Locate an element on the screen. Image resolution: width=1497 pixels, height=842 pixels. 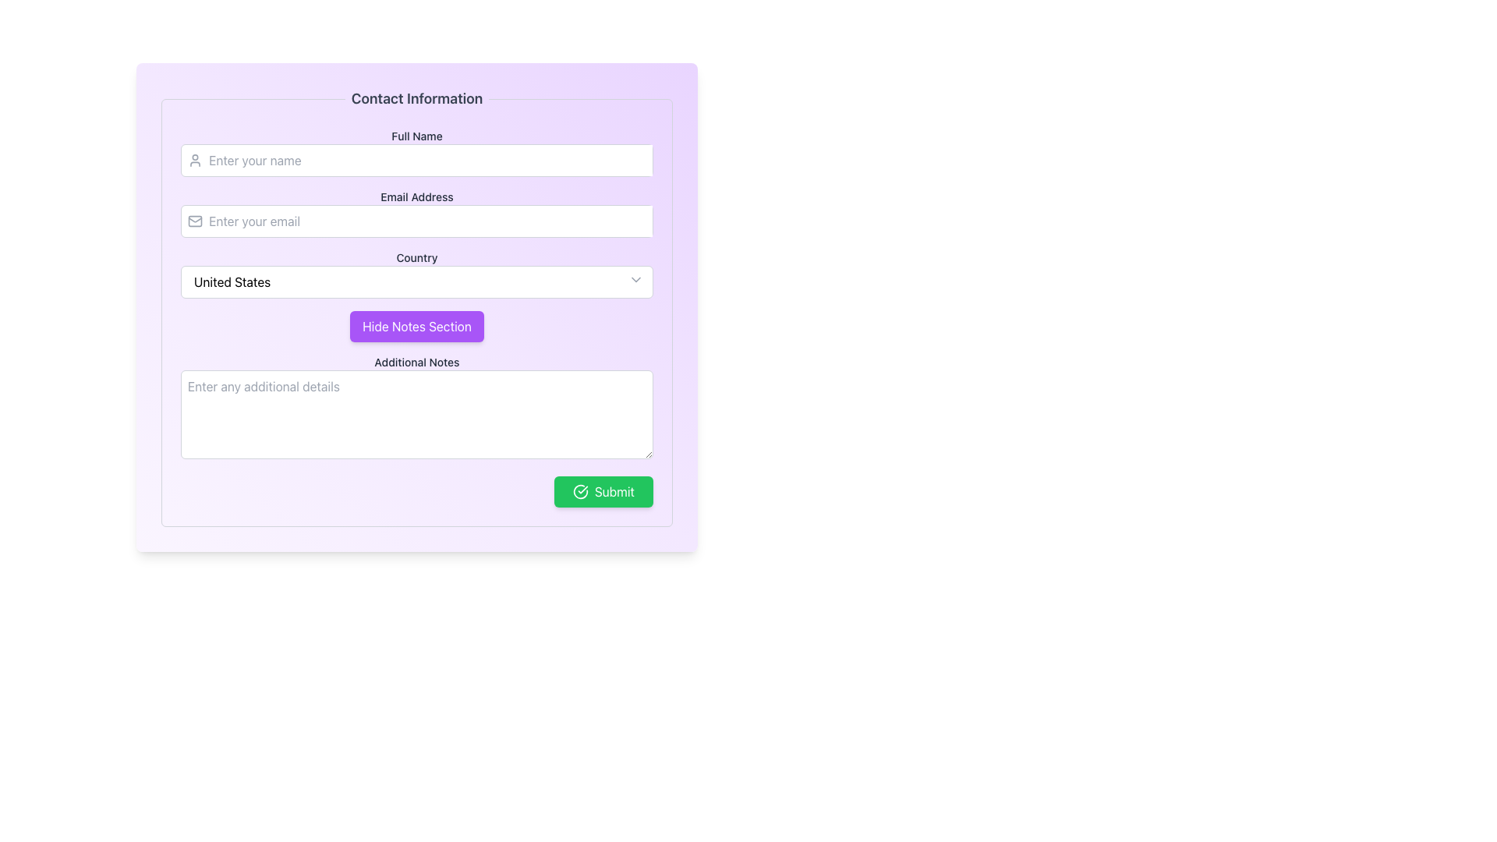
the Text label in the 'Contact Information' section, which provides context for the input area below it is located at coordinates (416, 363).